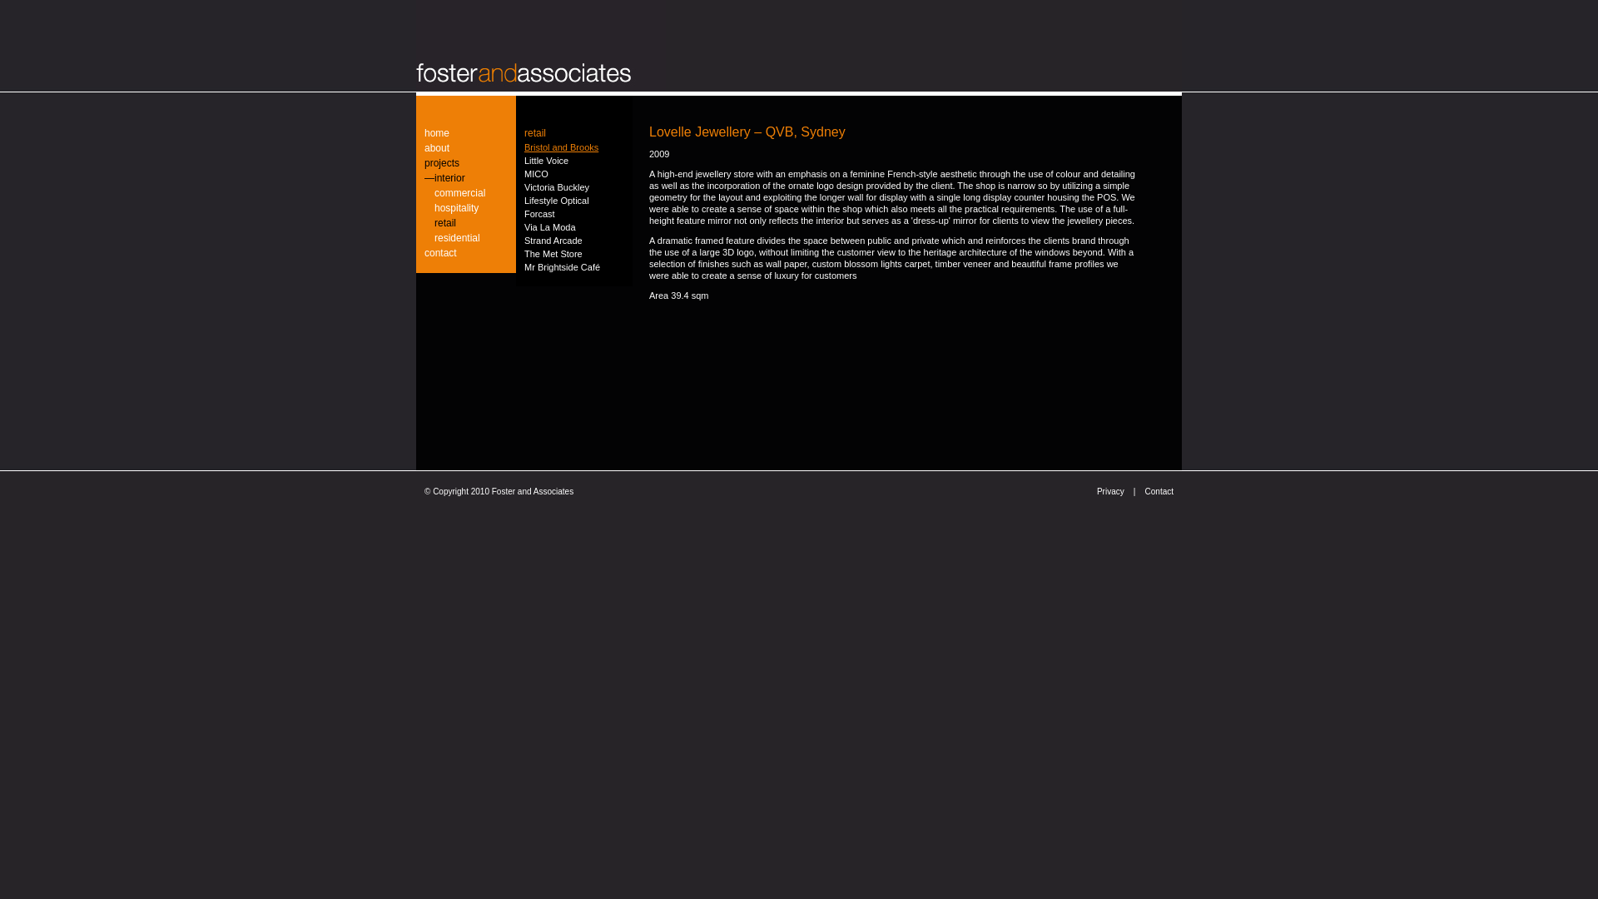  Describe the element at coordinates (466, 147) in the screenshot. I see `'about'` at that location.